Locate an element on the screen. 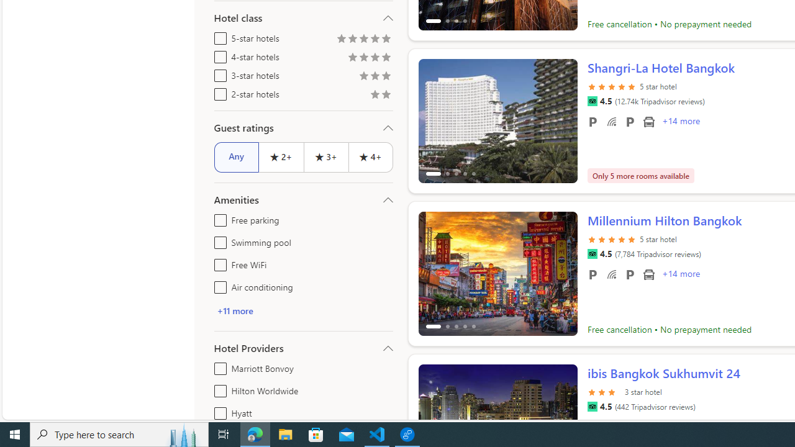 Image resolution: width=795 pixels, height=447 pixels. 'Hotel Providers' is located at coordinates (303, 348).